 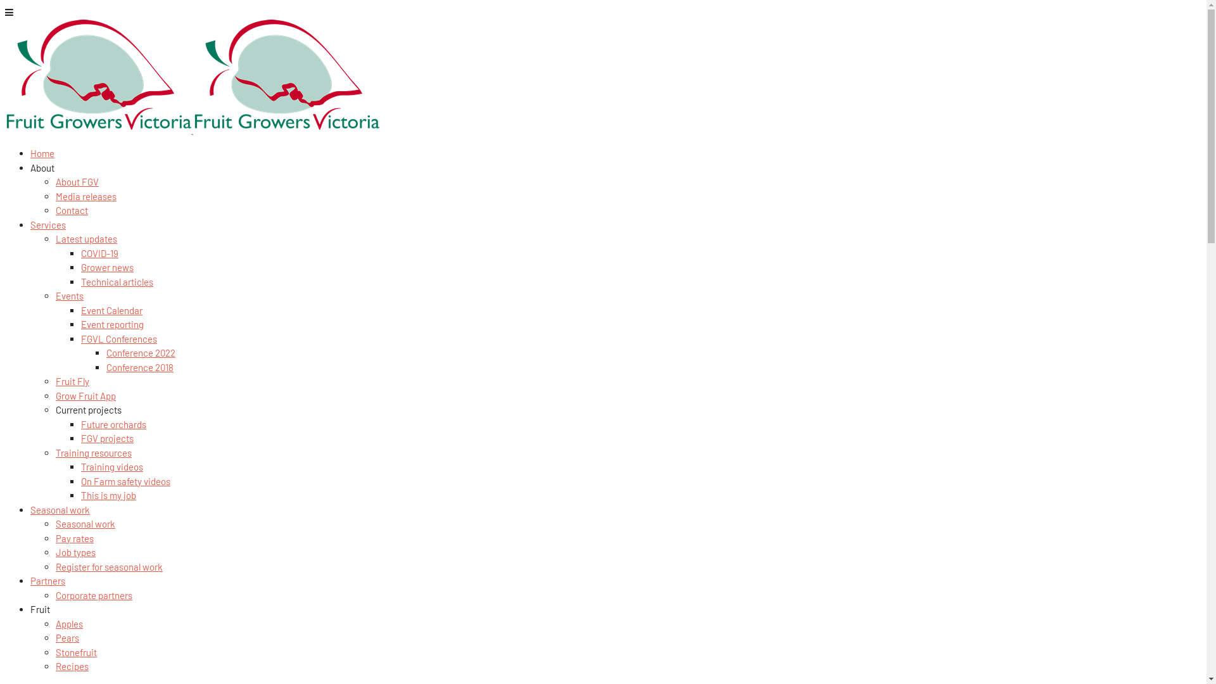 What do you see at coordinates (108, 495) in the screenshot?
I see `'This is my job'` at bounding box center [108, 495].